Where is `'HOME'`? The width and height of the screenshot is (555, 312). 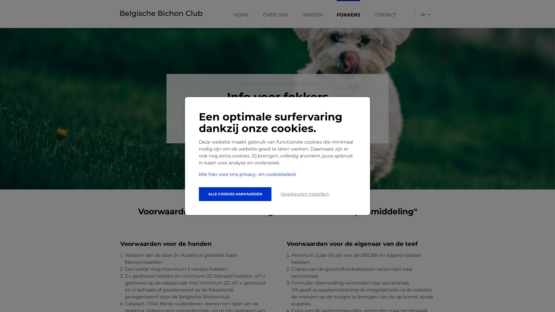 'HOME' is located at coordinates (241, 14).